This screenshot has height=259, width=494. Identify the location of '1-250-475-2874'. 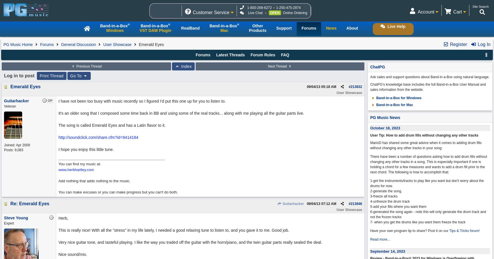
(288, 7).